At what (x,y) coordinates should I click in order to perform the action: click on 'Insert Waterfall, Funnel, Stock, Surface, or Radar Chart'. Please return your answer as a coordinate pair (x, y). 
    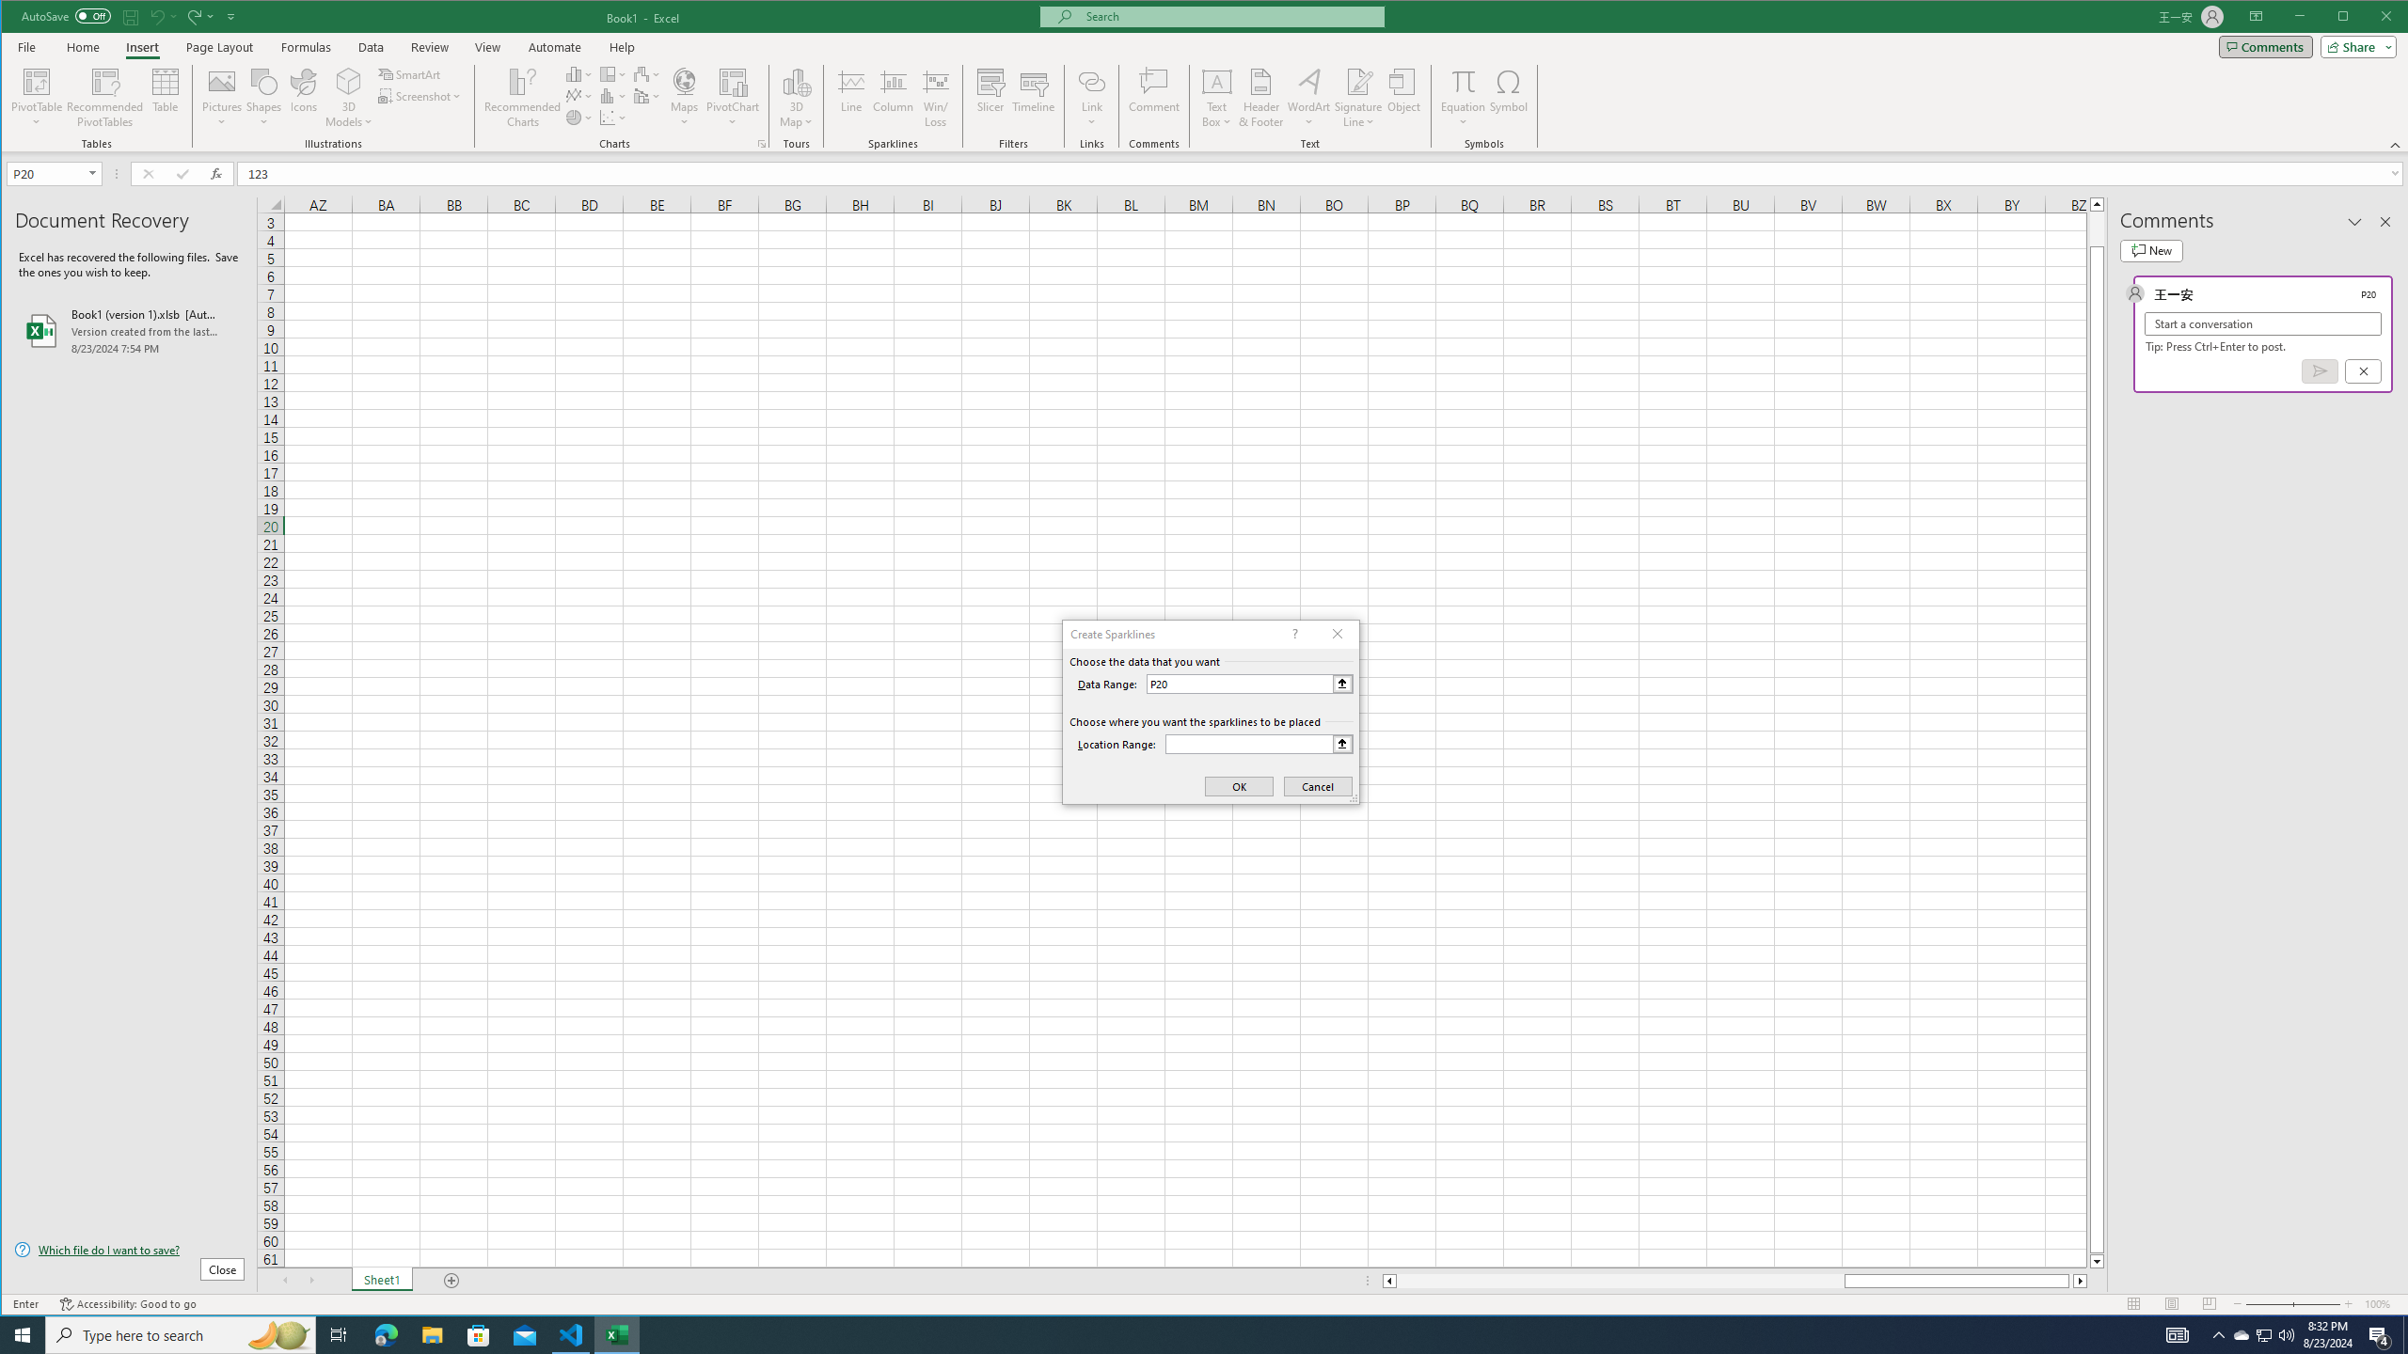
    Looking at the image, I should click on (647, 73).